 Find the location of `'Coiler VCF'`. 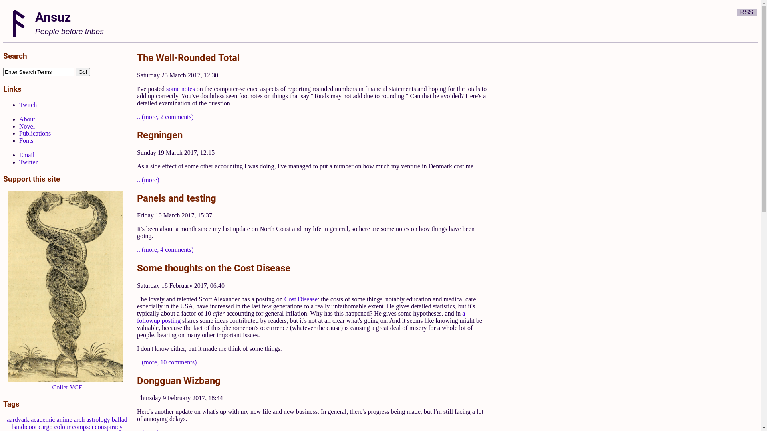

'Coiler VCF' is located at coordinates (67, 387).